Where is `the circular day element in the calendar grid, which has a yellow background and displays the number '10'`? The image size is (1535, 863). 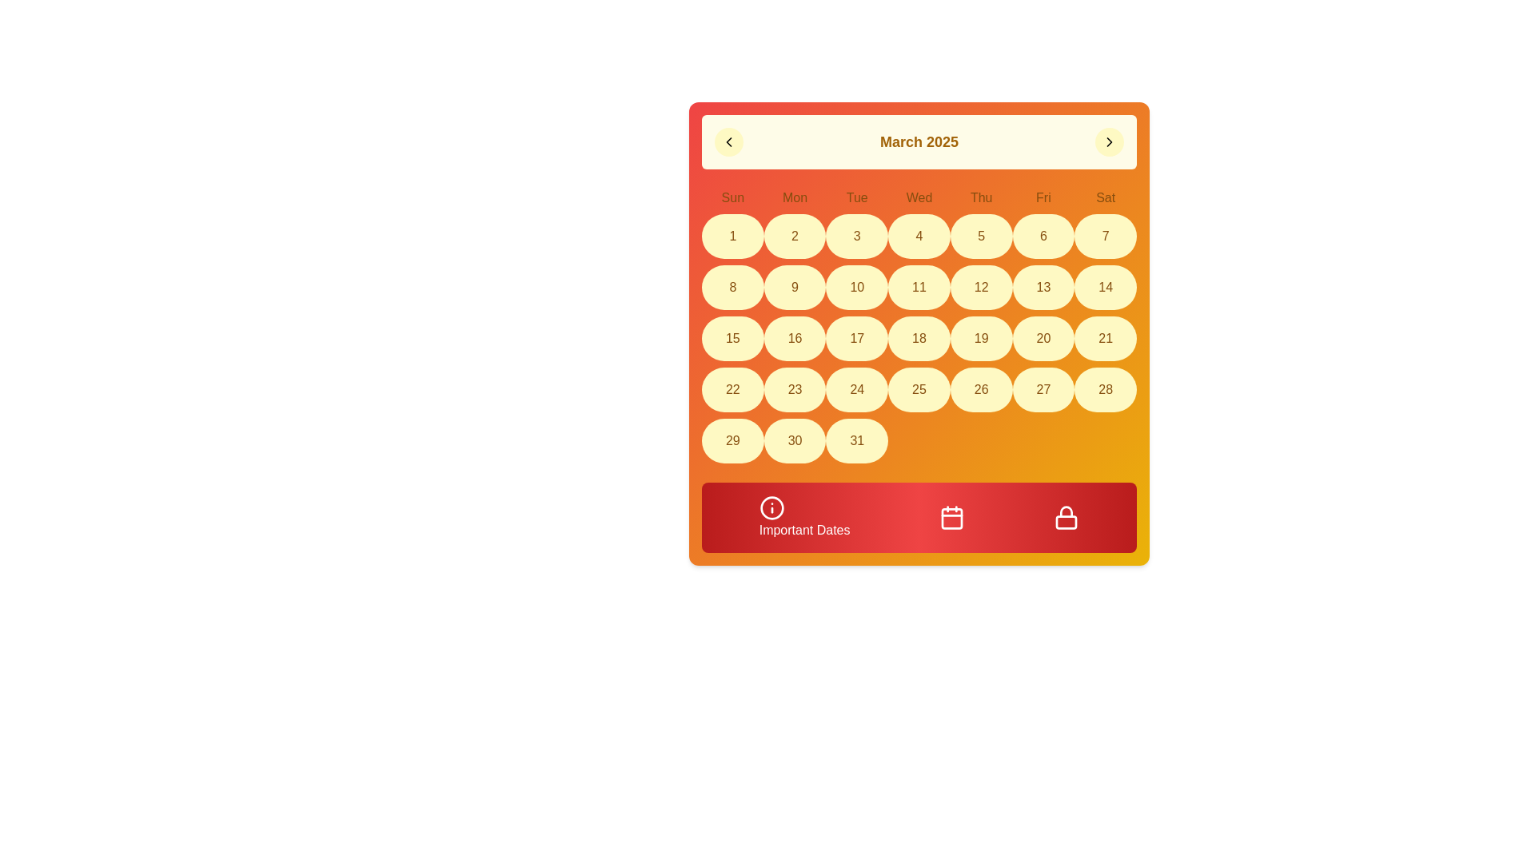
the circular day element in the calendar grid, which has a yellow background and displays the number '10' is located at coordinates (856, 286).